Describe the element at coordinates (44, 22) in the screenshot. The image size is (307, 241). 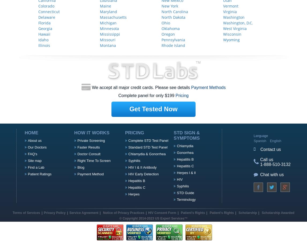
I see `'Florida'` at that location.